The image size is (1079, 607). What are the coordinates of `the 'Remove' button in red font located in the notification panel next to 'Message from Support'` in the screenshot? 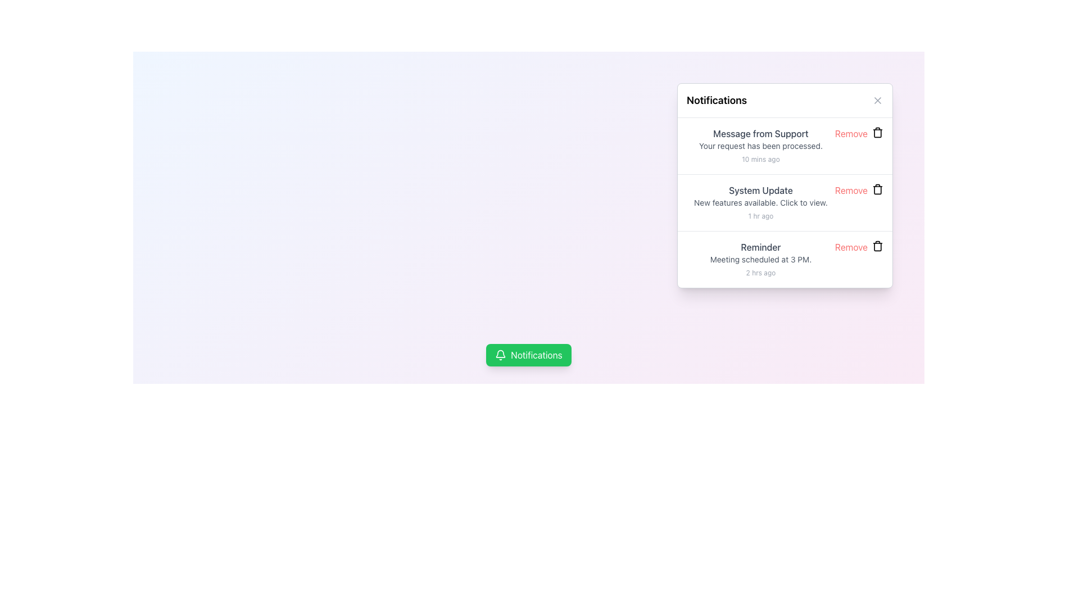 It's located at (851, 133).